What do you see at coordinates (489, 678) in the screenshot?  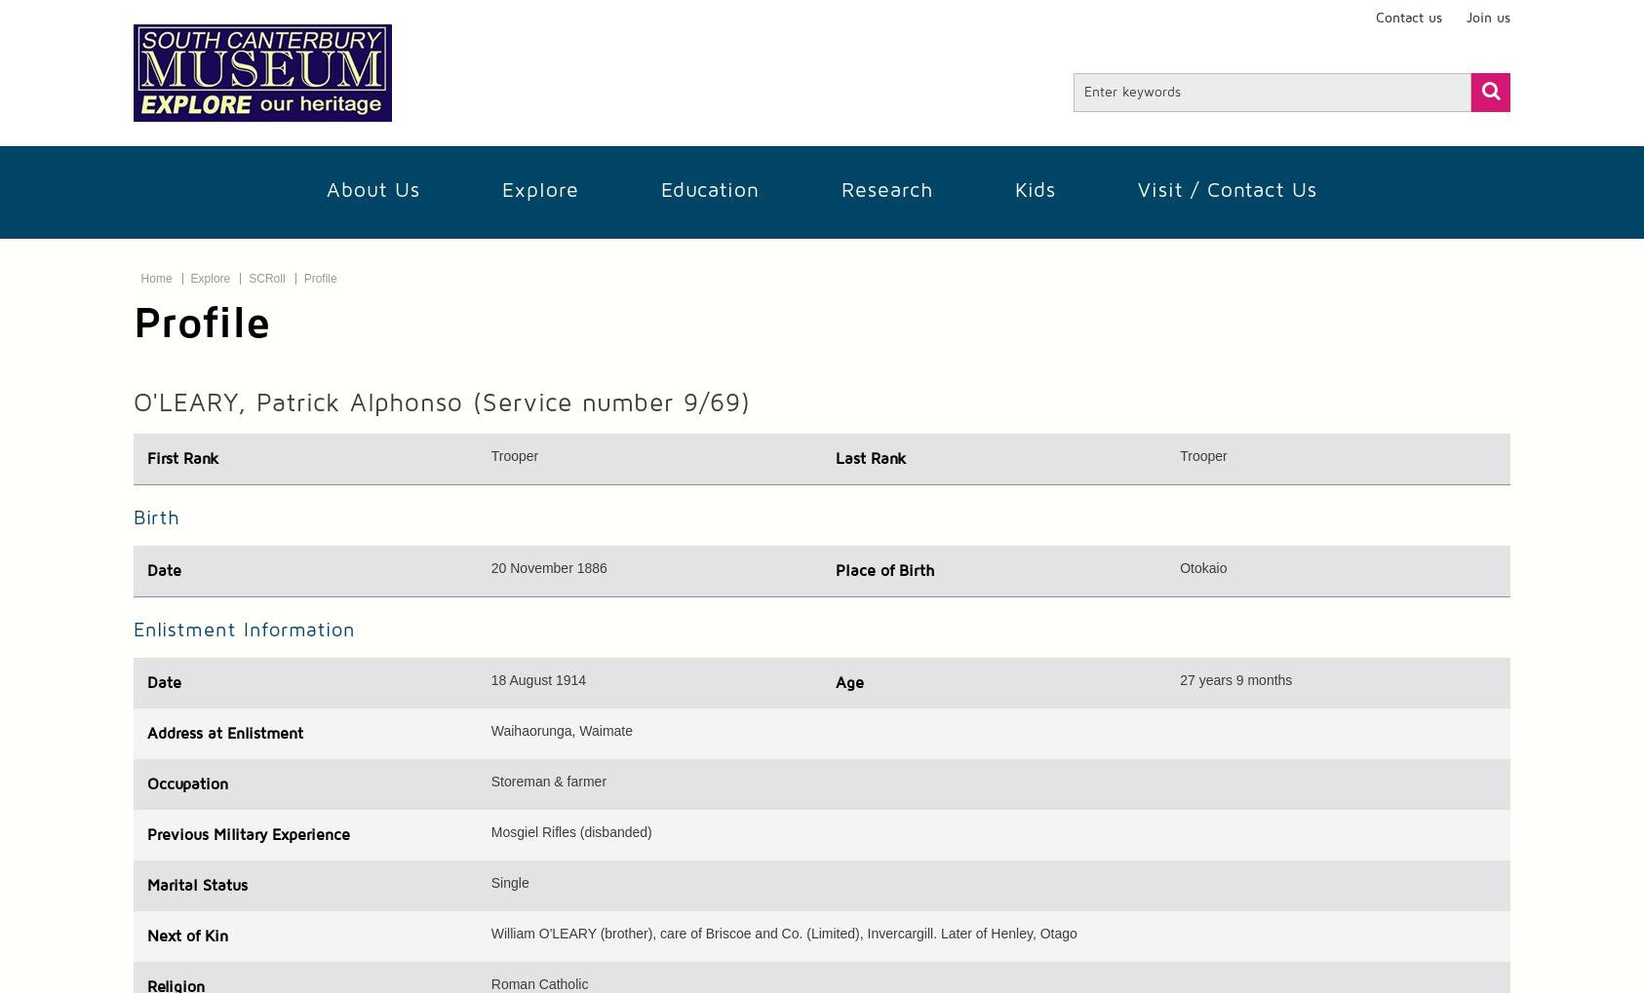 I see `'18 August 1914'` at bounding box center [489, 678].